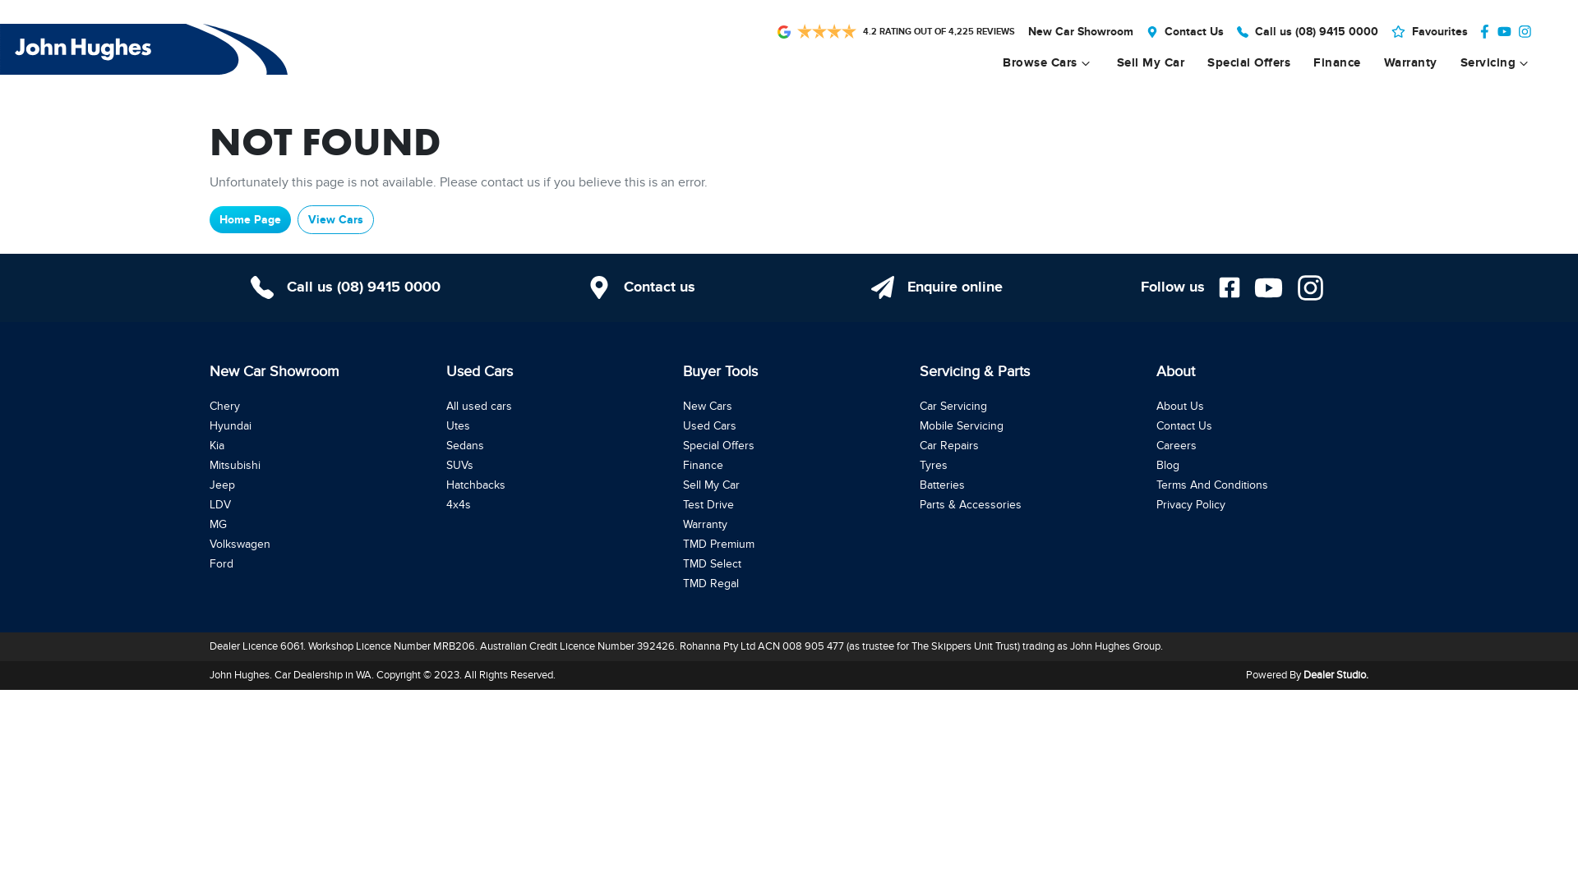 This screenshot has height=887, width=1578. Describe the element at coordinates (445, 484) in the screenshot. I see `'Hatchbacks'` at that location.